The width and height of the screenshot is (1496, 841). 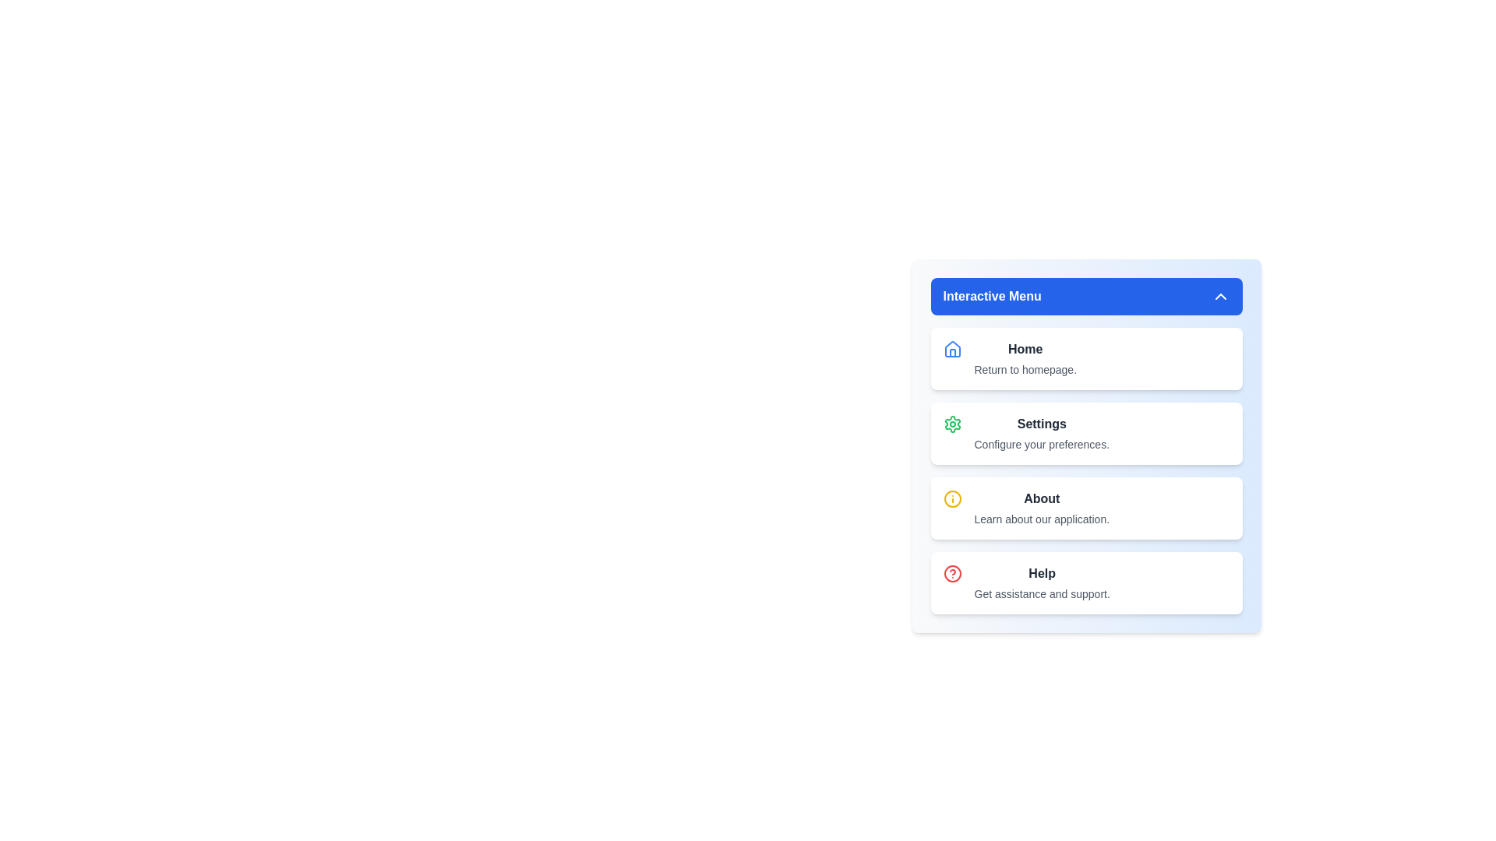 I want to click on the bold 'Settings' text label, which is centrally positioned between the 'Home' and 'About' sections in the menu, so click(x=1042, y=424).